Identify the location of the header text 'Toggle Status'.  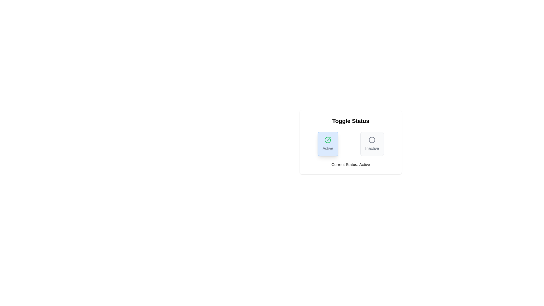
(350, 121).